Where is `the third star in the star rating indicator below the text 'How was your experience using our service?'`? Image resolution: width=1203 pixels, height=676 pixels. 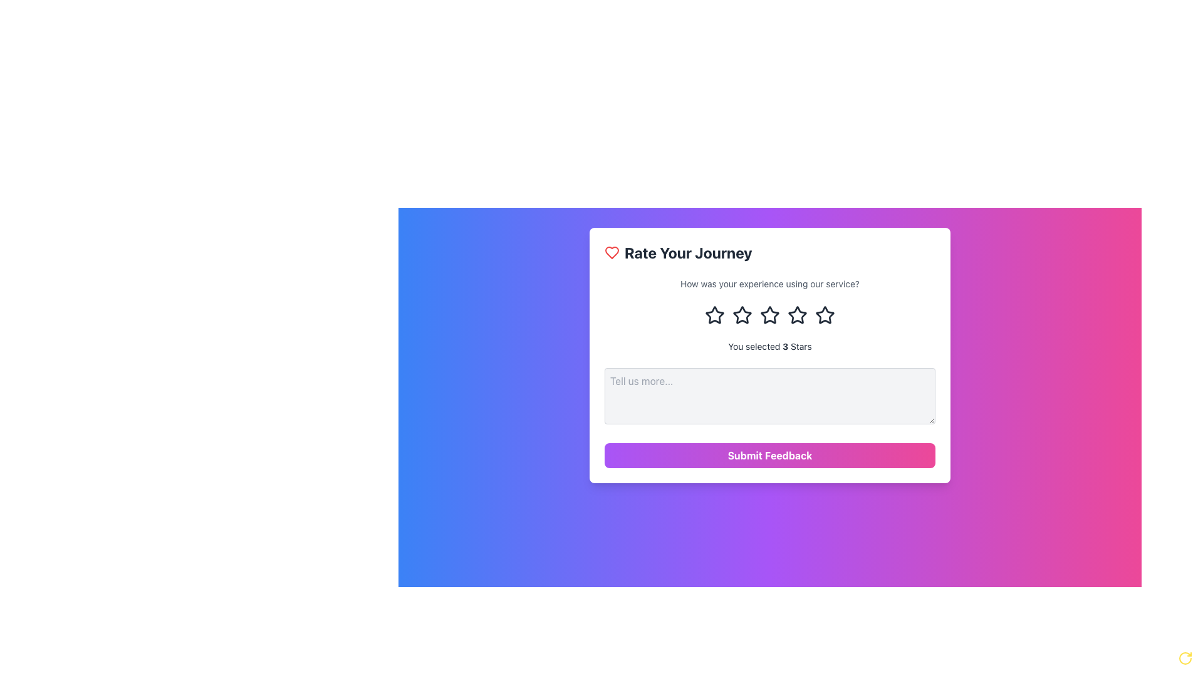 the third star in the star rating indicator below the text 'How was your experience using our service?' is located at coordinates (769, 315).